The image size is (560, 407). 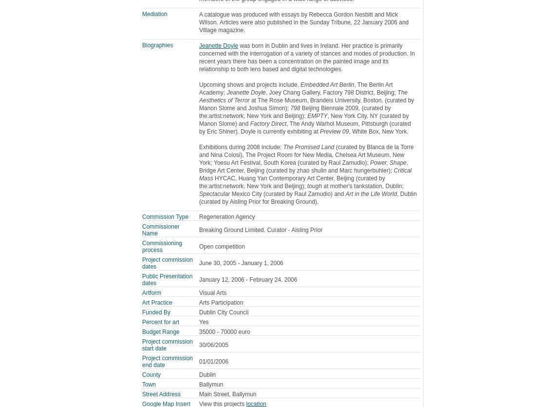 I want to click on 'Biographies', so click(x=157, y=45).